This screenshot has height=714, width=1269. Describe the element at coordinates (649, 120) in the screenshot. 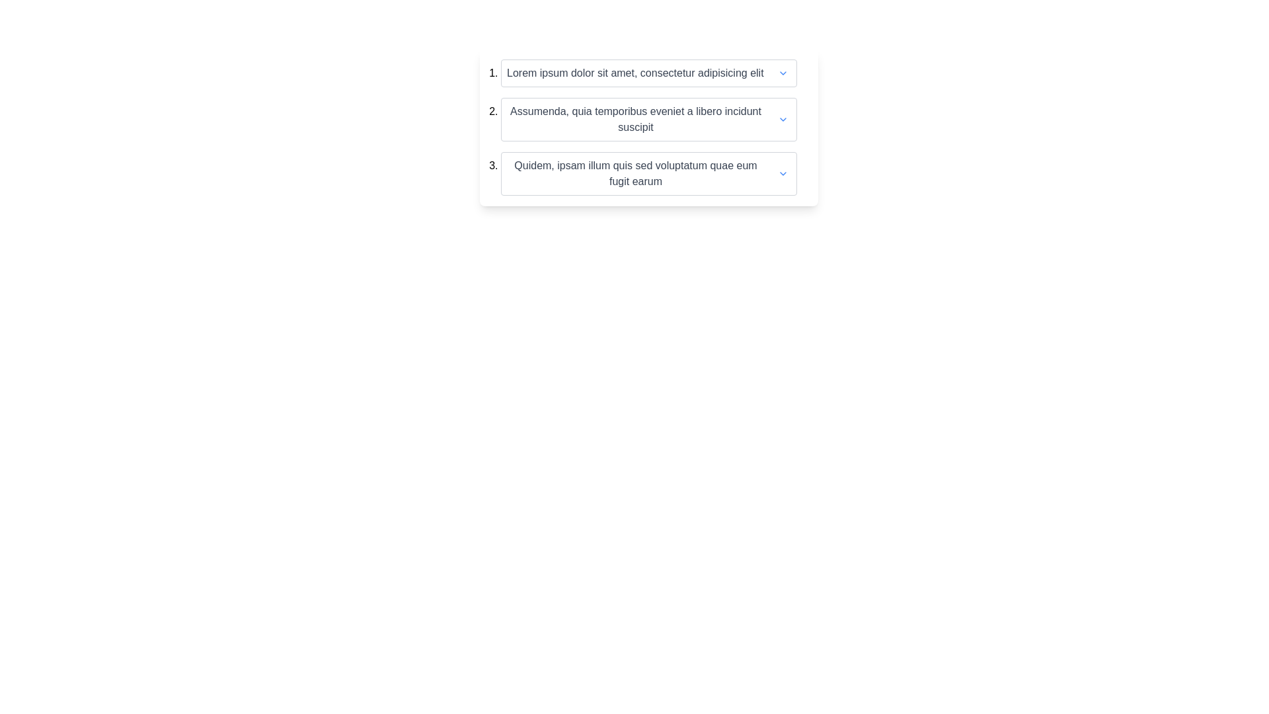

I see `displayed text from the second item in the ordered list, which is a collapsible list item that can be expanded by clicking the arrow icon on the right` at that location.